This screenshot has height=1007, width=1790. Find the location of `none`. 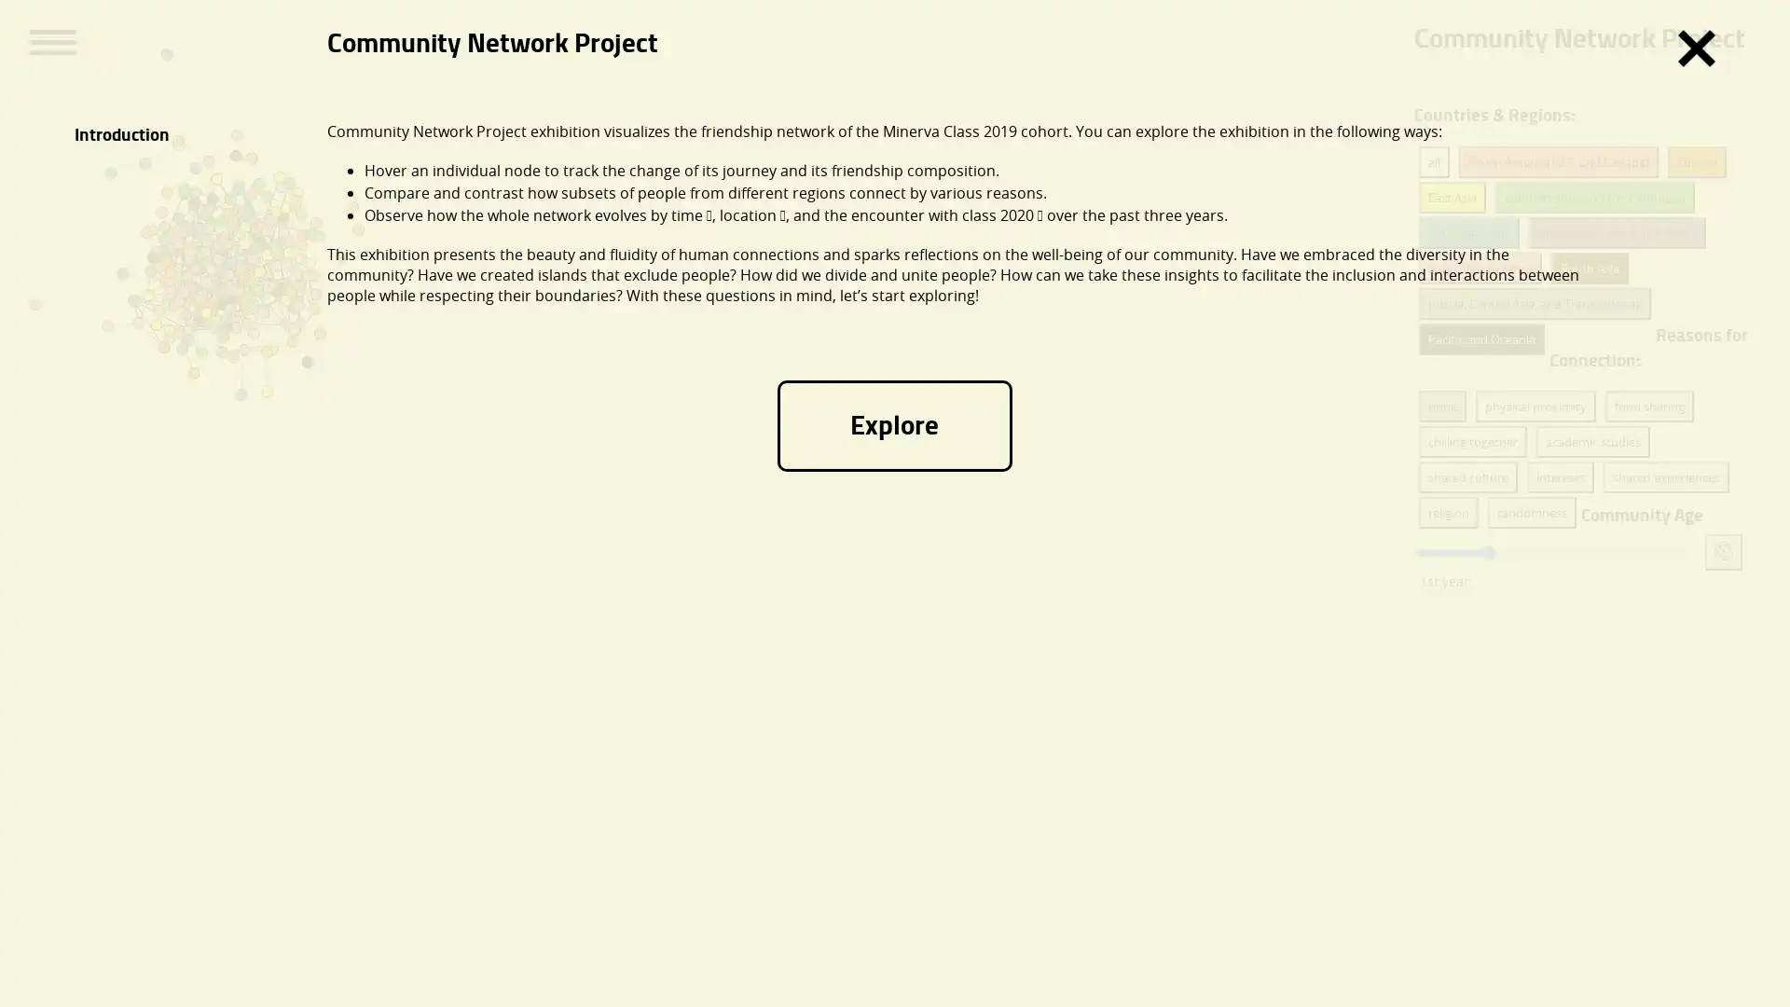

none is located at coordinates (1441, 405).